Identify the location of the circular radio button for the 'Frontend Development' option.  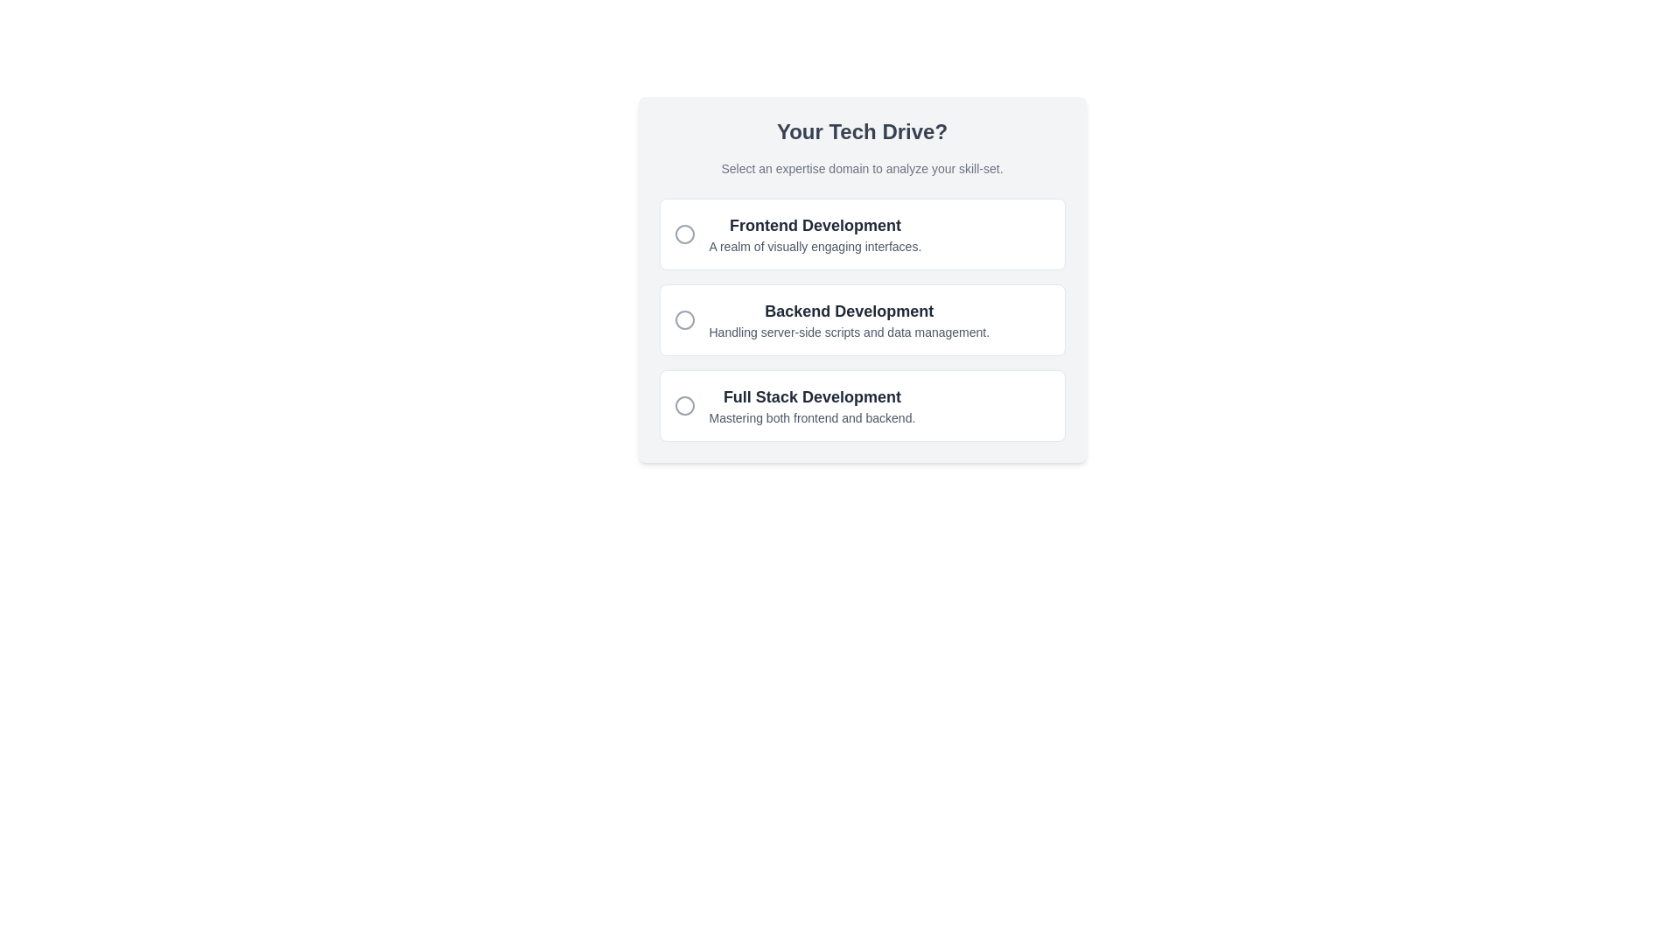
(683, 233).